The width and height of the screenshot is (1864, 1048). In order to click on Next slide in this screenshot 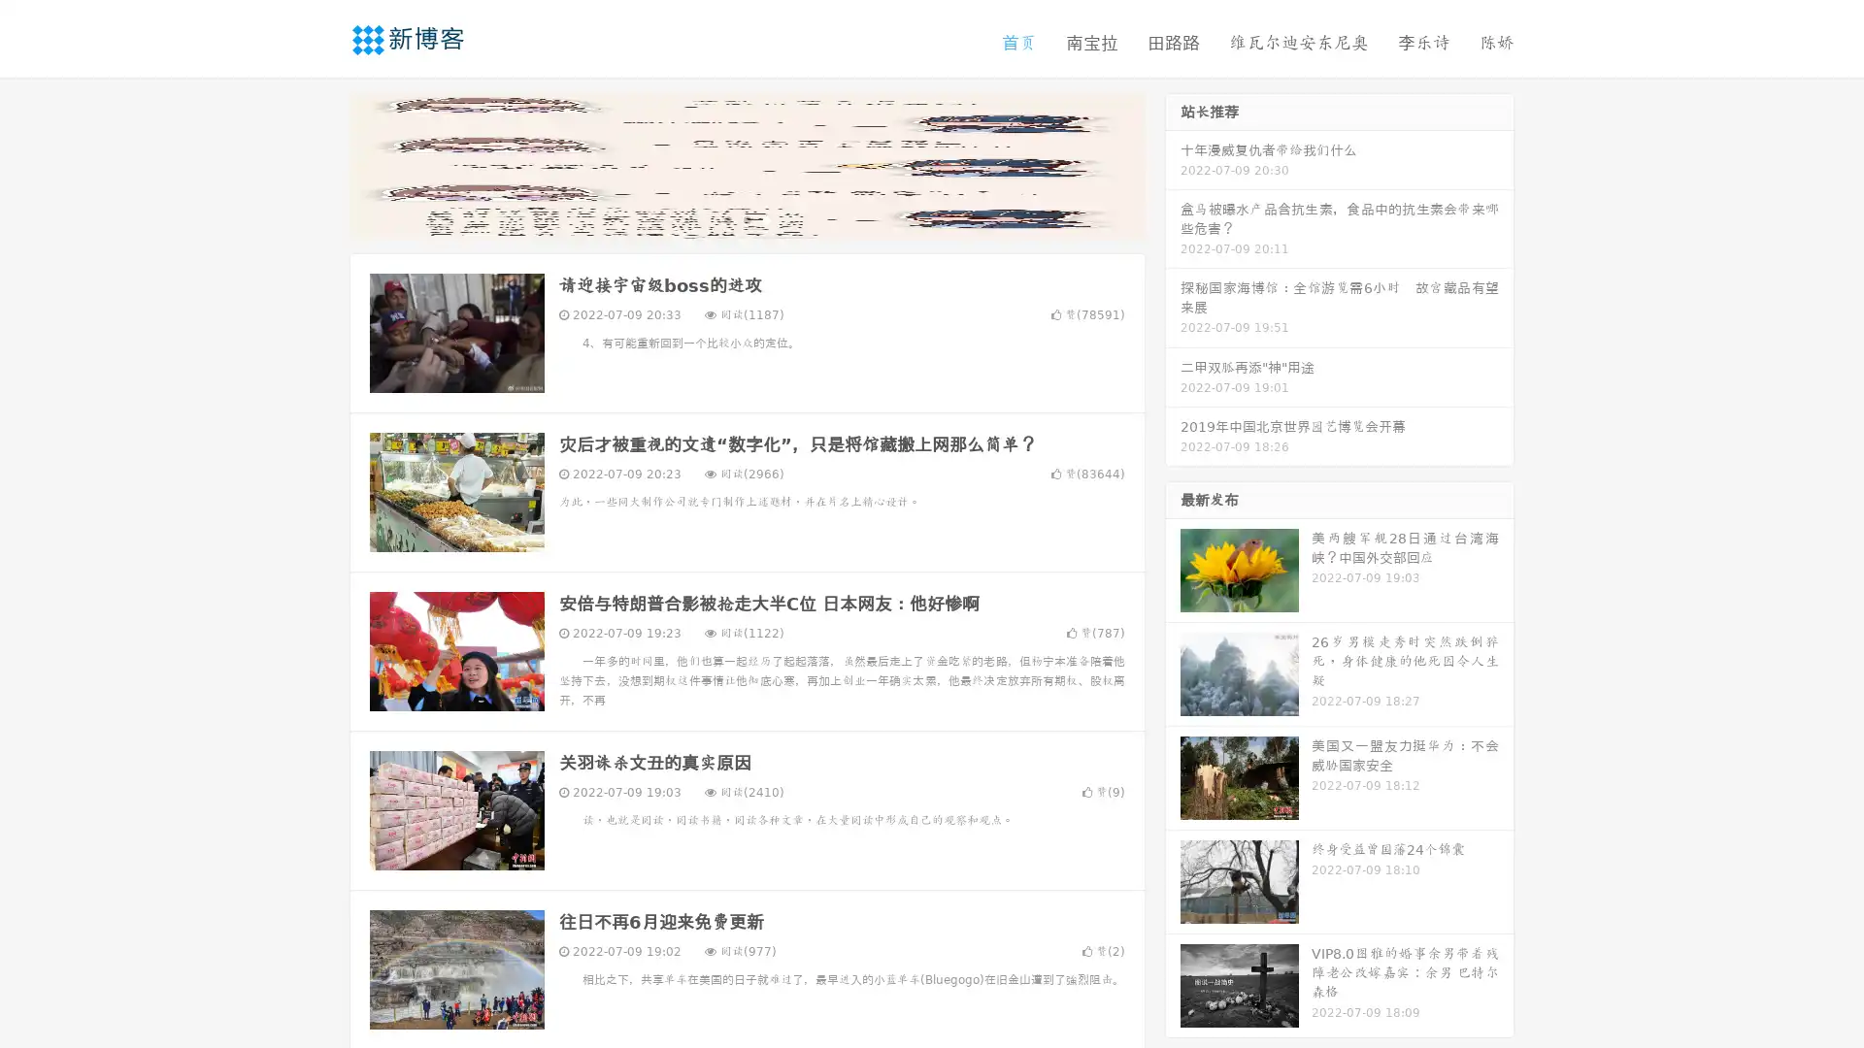, I will do `click(1173, 163)`.